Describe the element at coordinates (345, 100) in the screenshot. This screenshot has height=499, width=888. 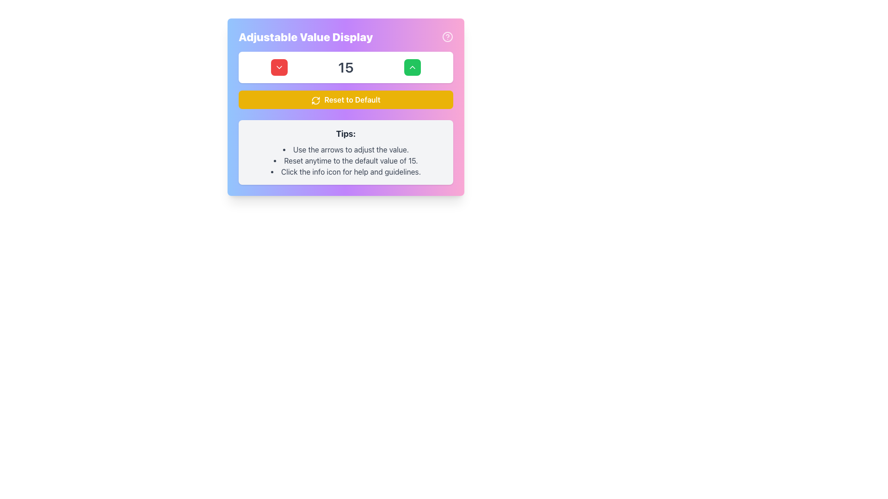
I see `the 'Reset to Default' button, which is a rectangular button with a yellow-orange background and white text, located below the value '15' in the 'Adjustable Value Display' section` at that location.